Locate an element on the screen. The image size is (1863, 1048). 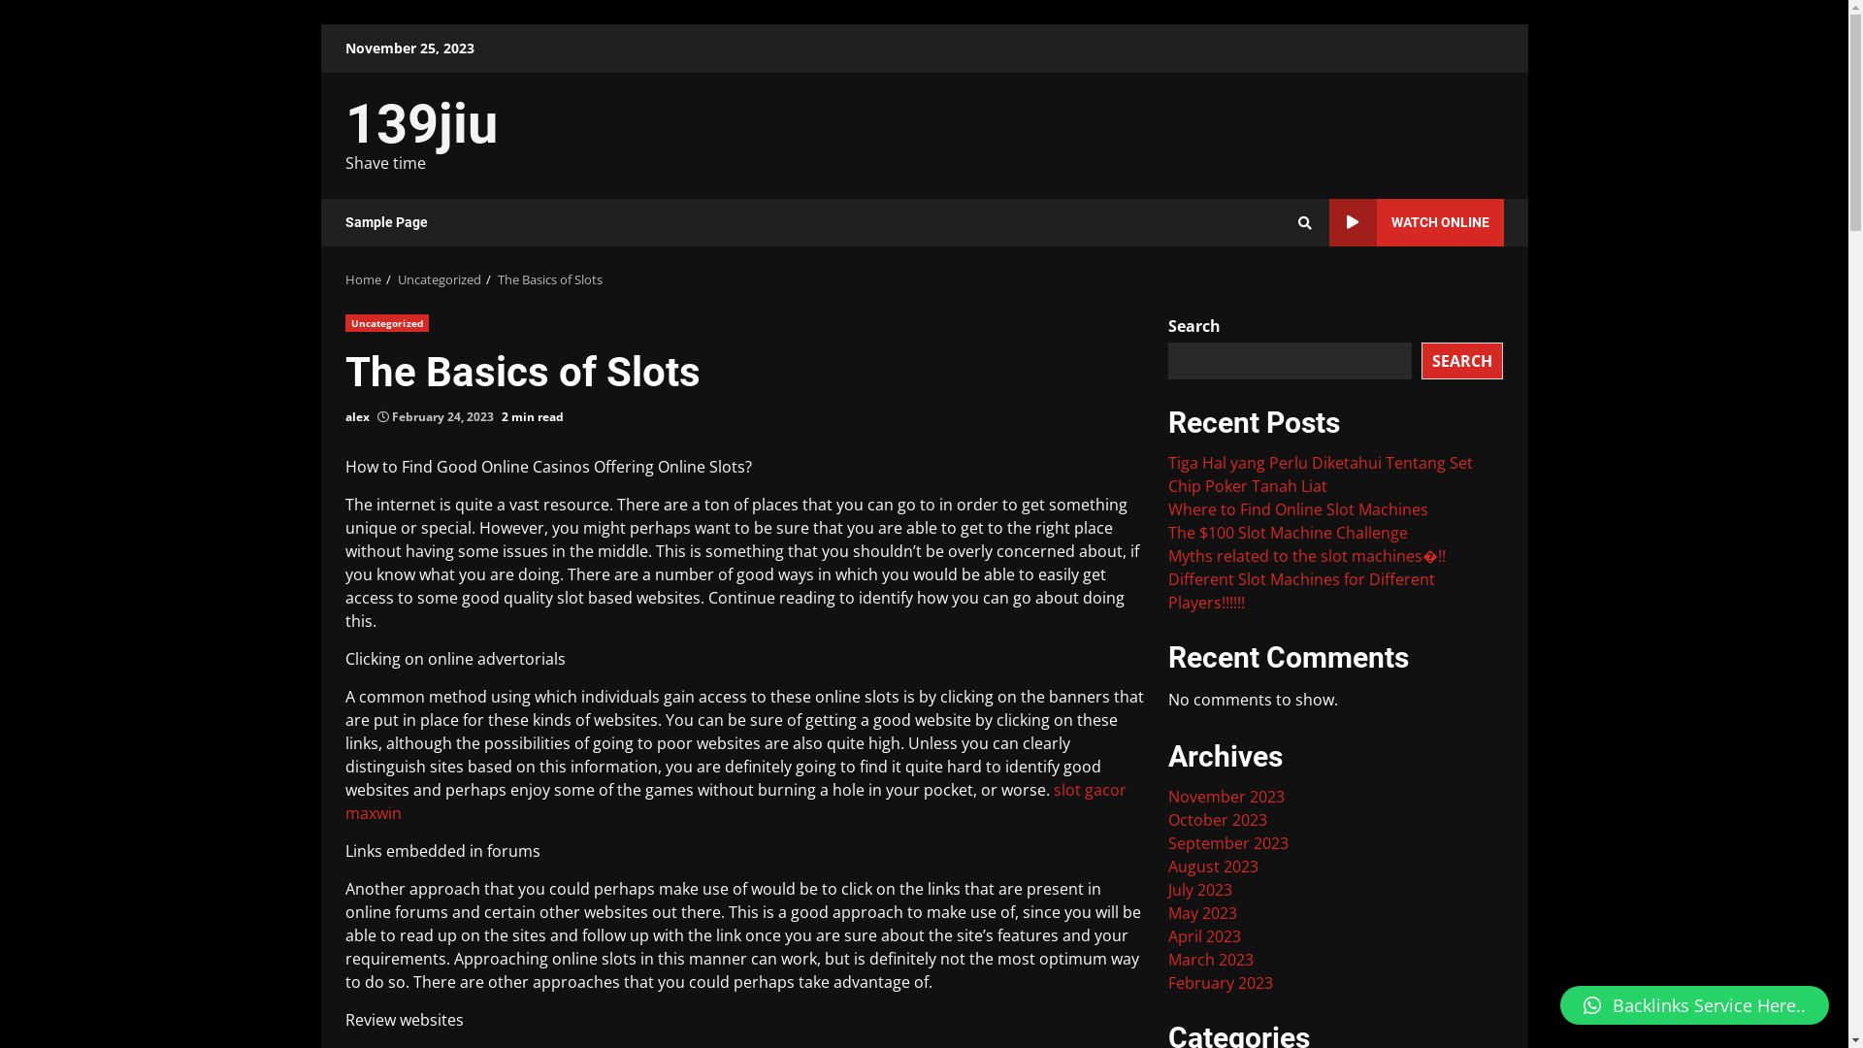
'April 2023' is located at coordinates (1203, 934).